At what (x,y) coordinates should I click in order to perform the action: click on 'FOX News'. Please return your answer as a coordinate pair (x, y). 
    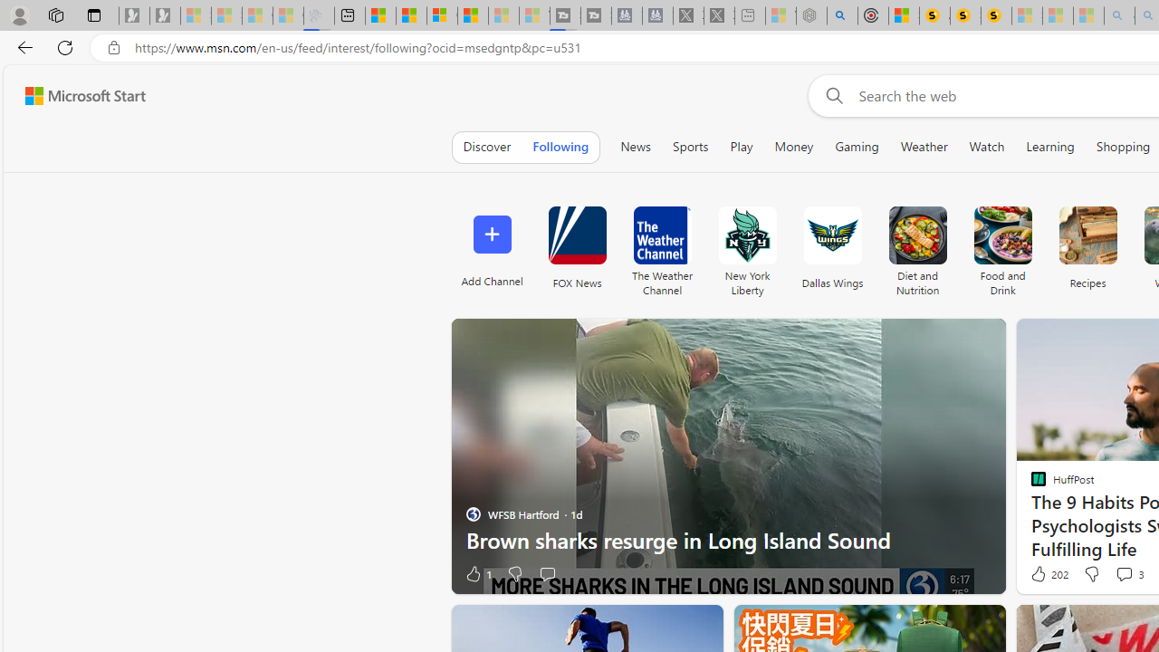
    Looking at the image, I should click on (576, 235).